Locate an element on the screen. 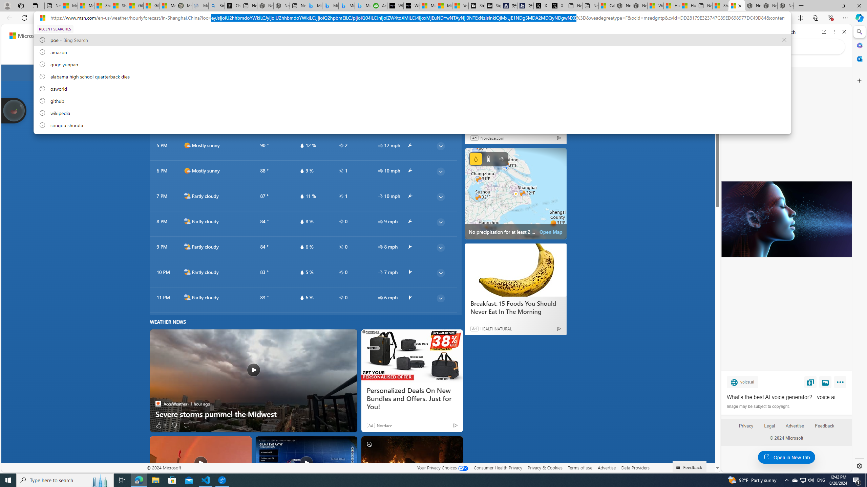 This screenshot has width=867, height=487. 'Skip to footer' is located at coordinates (27, 35).